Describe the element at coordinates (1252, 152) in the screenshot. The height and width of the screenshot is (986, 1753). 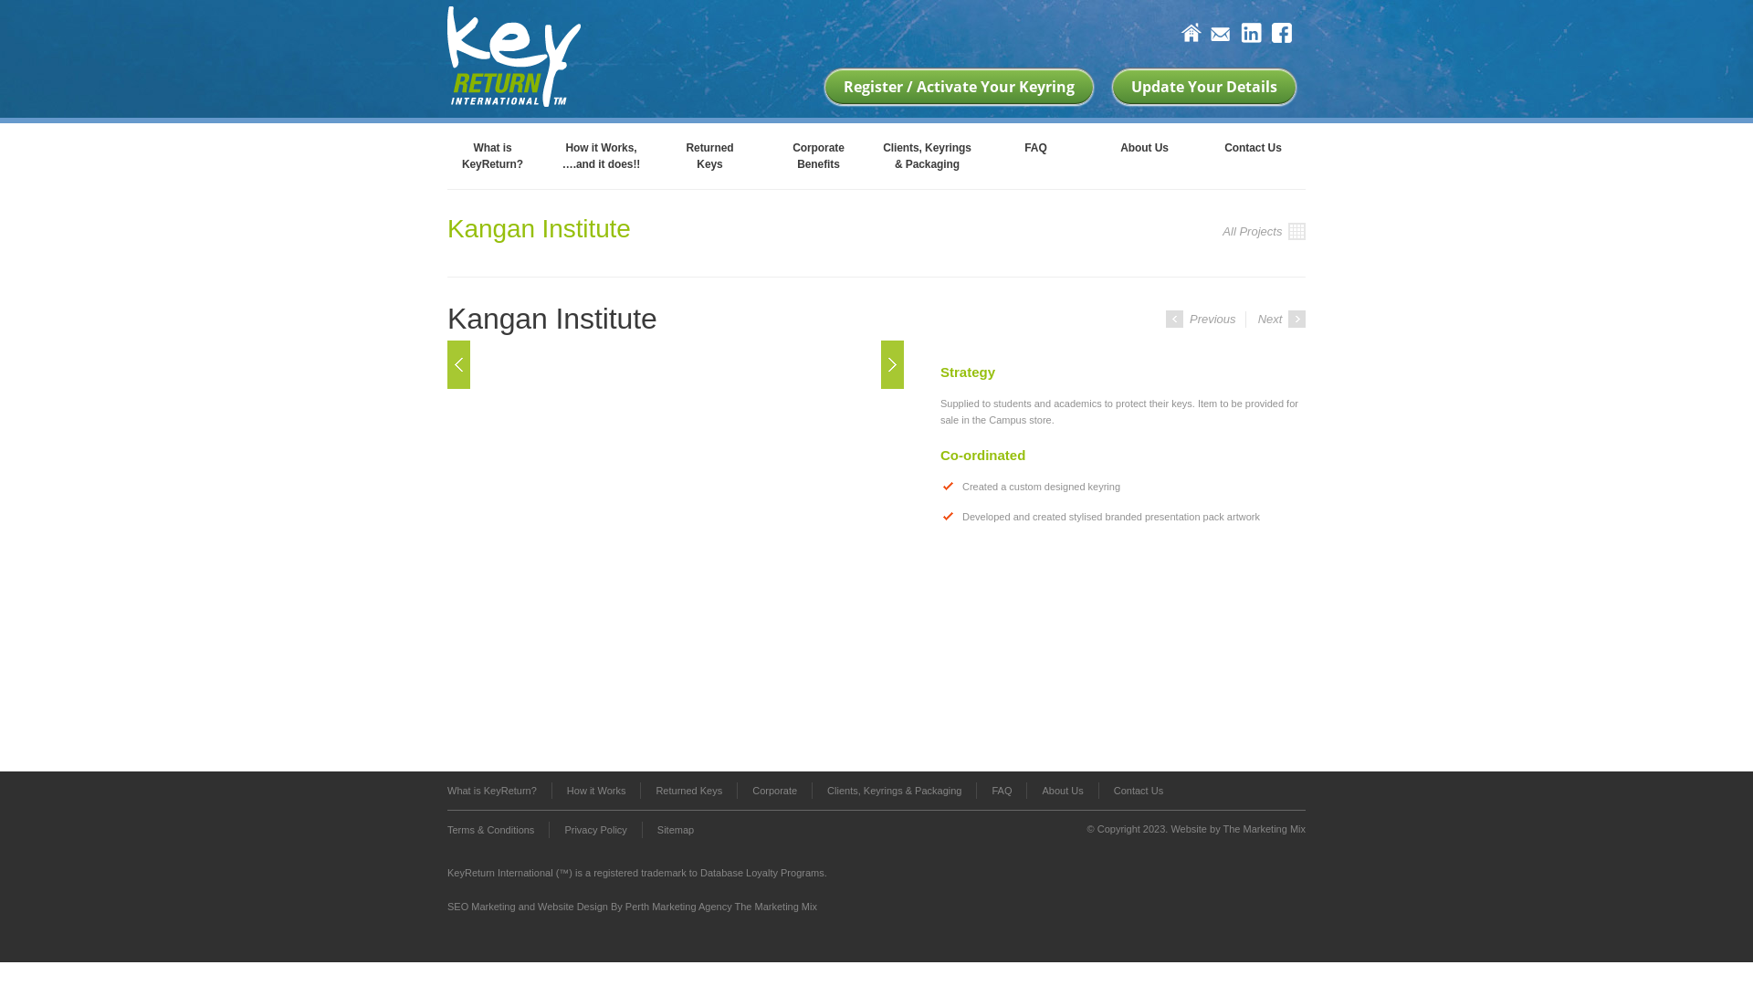
I see `'Contact Us'` at that location.